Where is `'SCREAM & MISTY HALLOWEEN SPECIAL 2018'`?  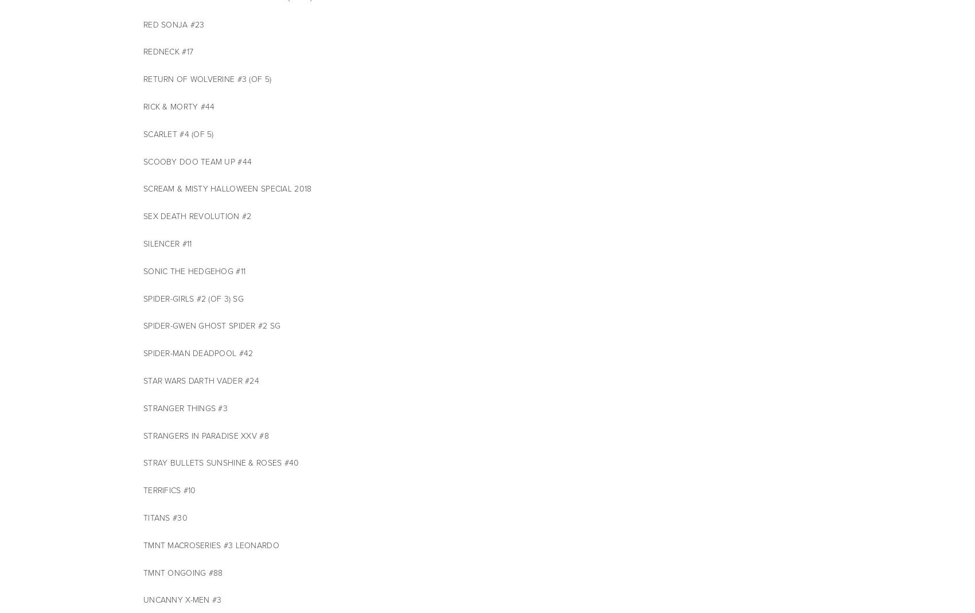 'SCREAM & MISTY HALLOWEEN SPECIAL 2018' is located at coordinates (143, 189).